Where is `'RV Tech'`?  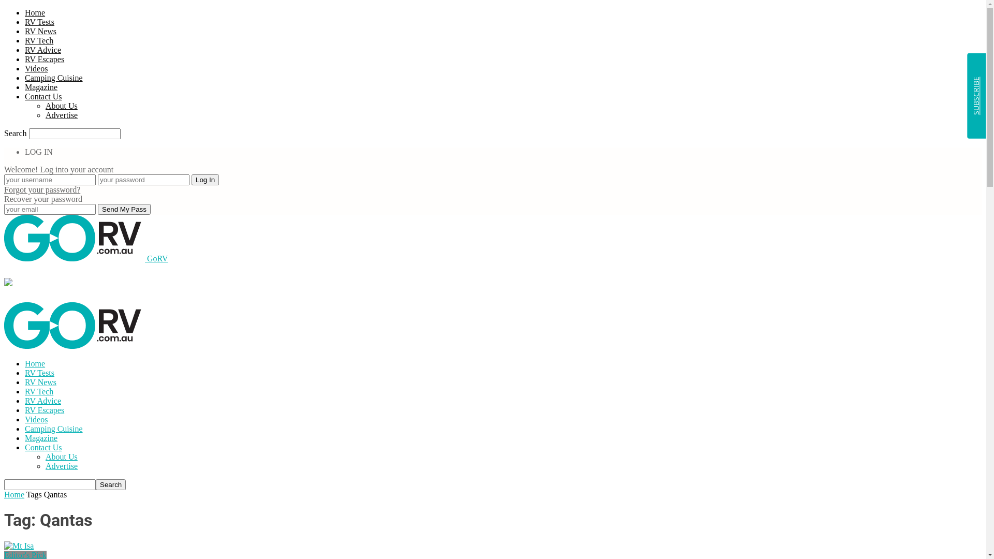 'RV Tech' is located at coordinates (39, 40).